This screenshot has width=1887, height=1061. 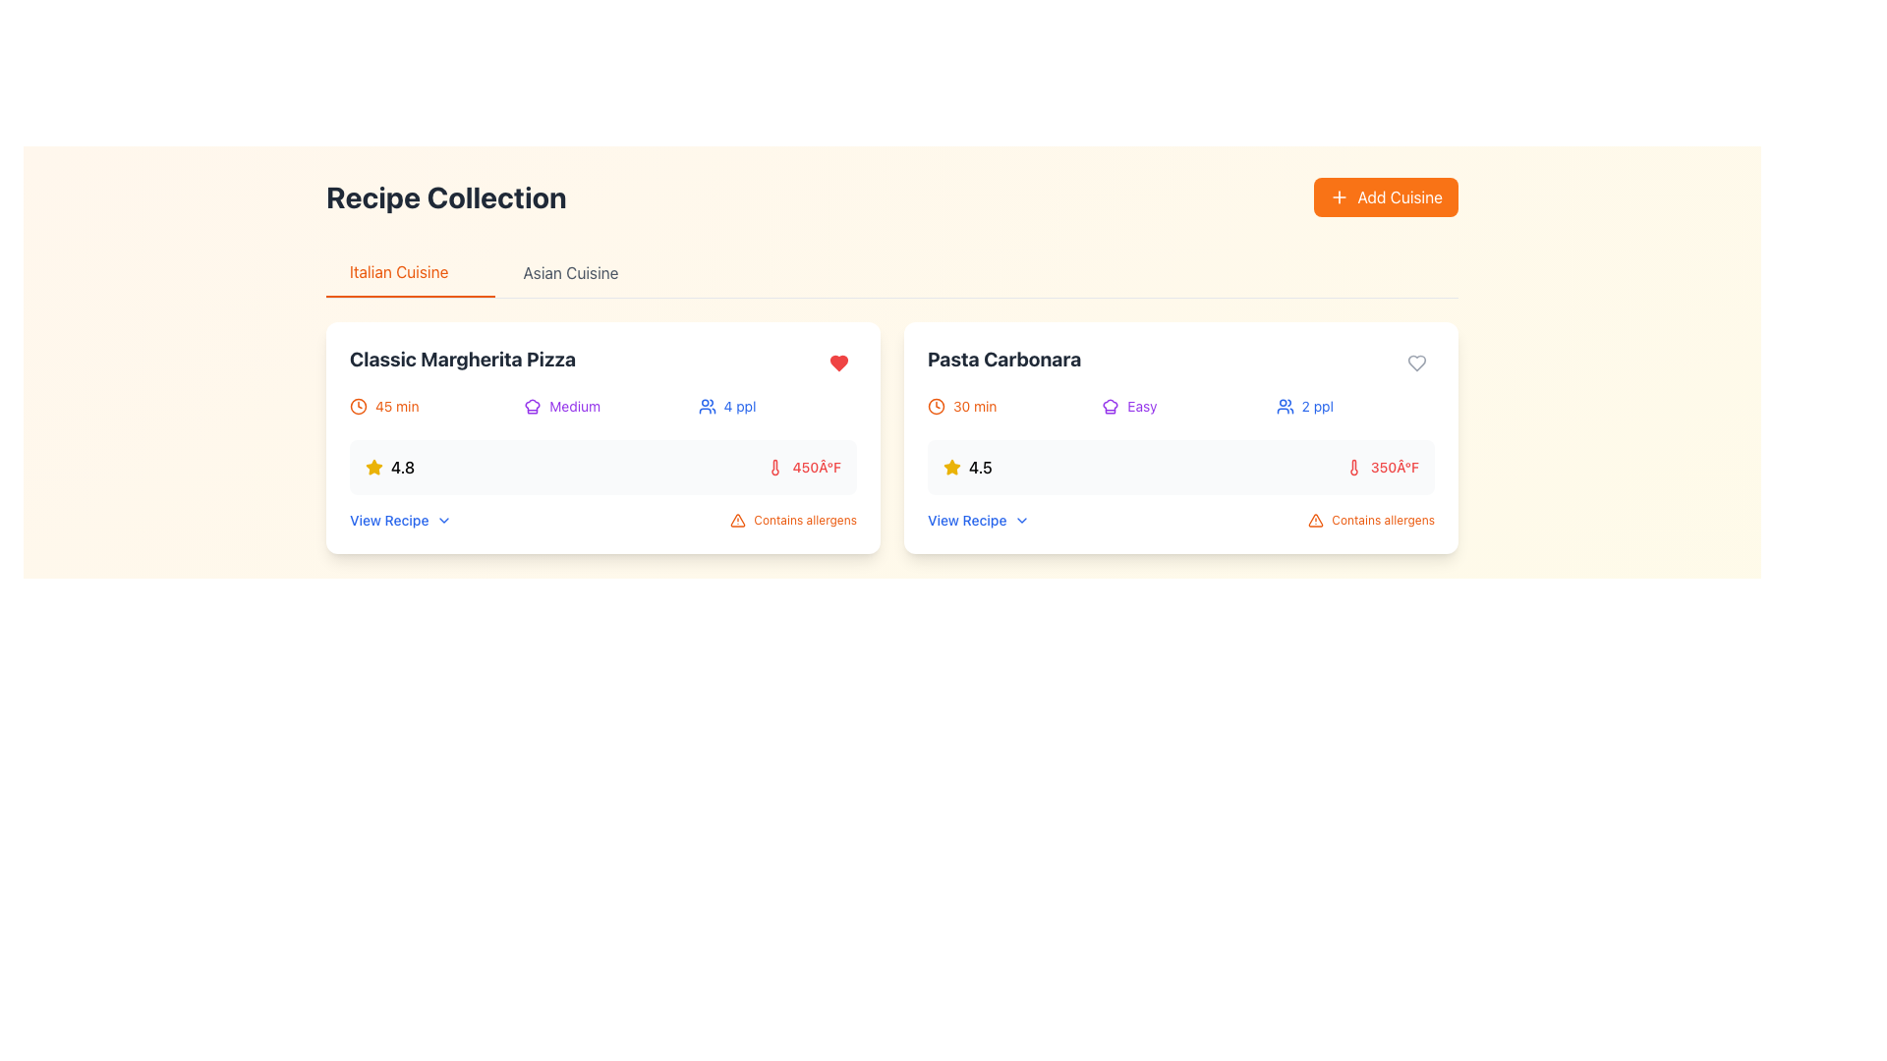 I want to click on the text label displaying the preparation time for the recipe 'Pasta Carbonara', which is located to the right of a clock icon in the second recipe card, so click(x=975, y=405).